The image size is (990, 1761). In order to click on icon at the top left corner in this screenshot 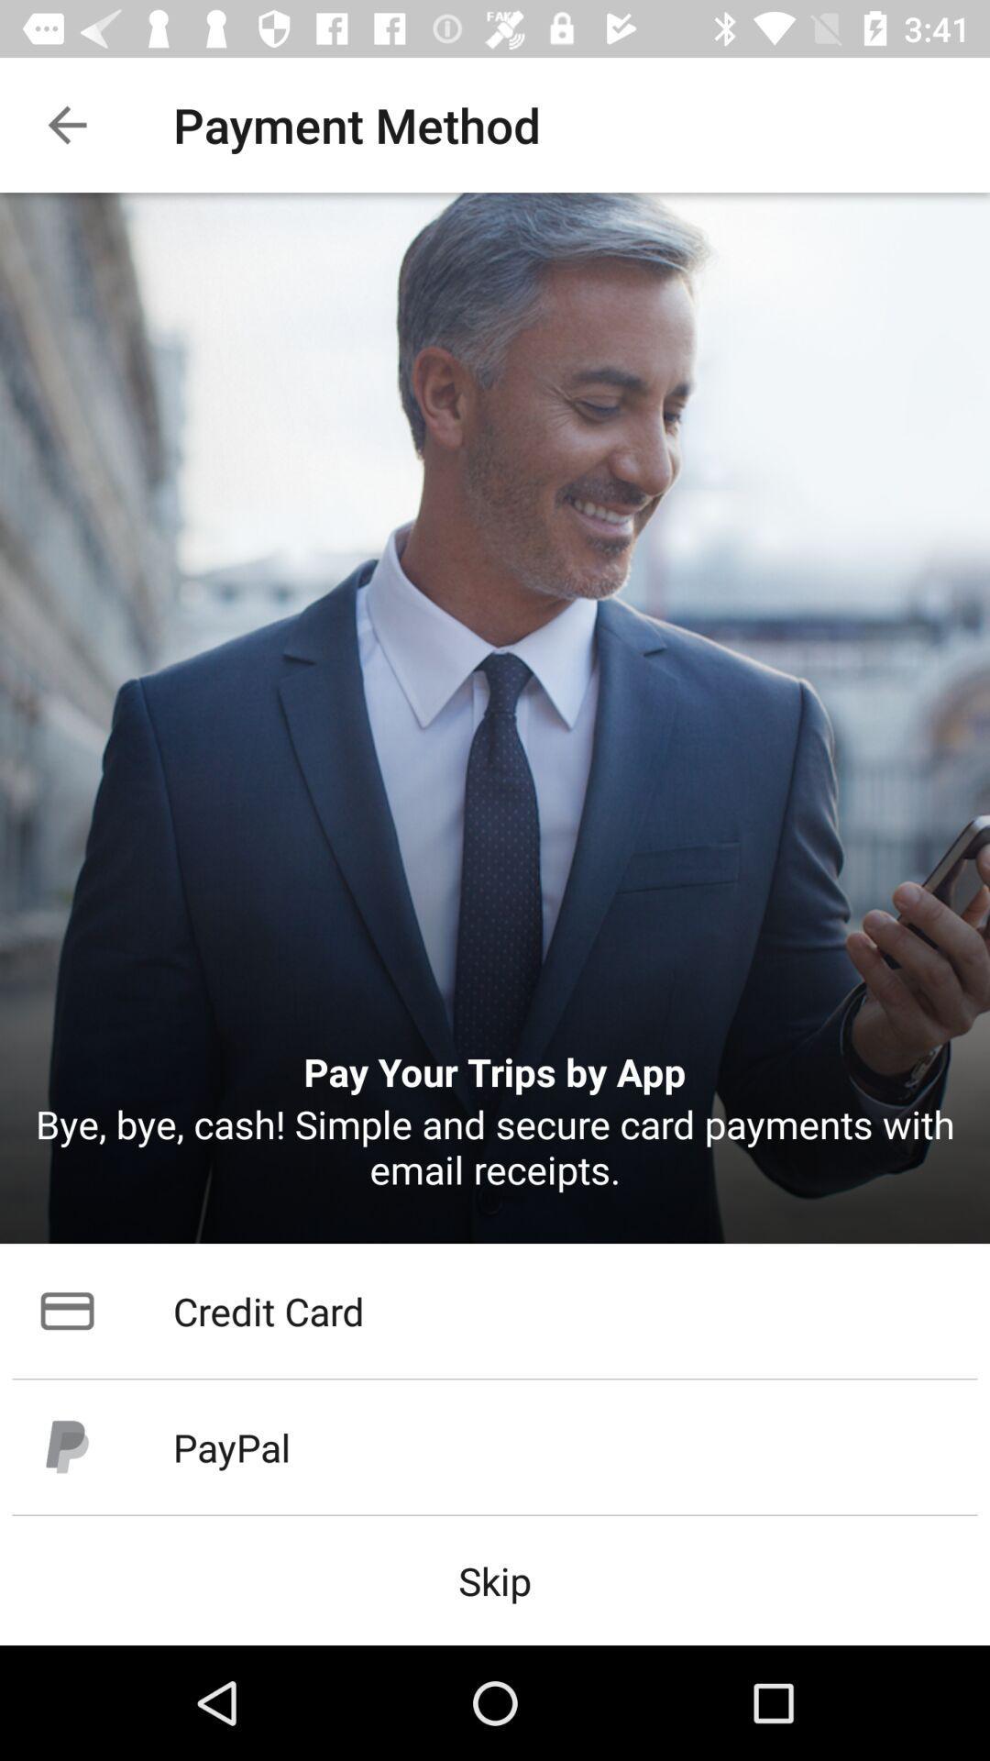, I will do `click(66, 124)`.